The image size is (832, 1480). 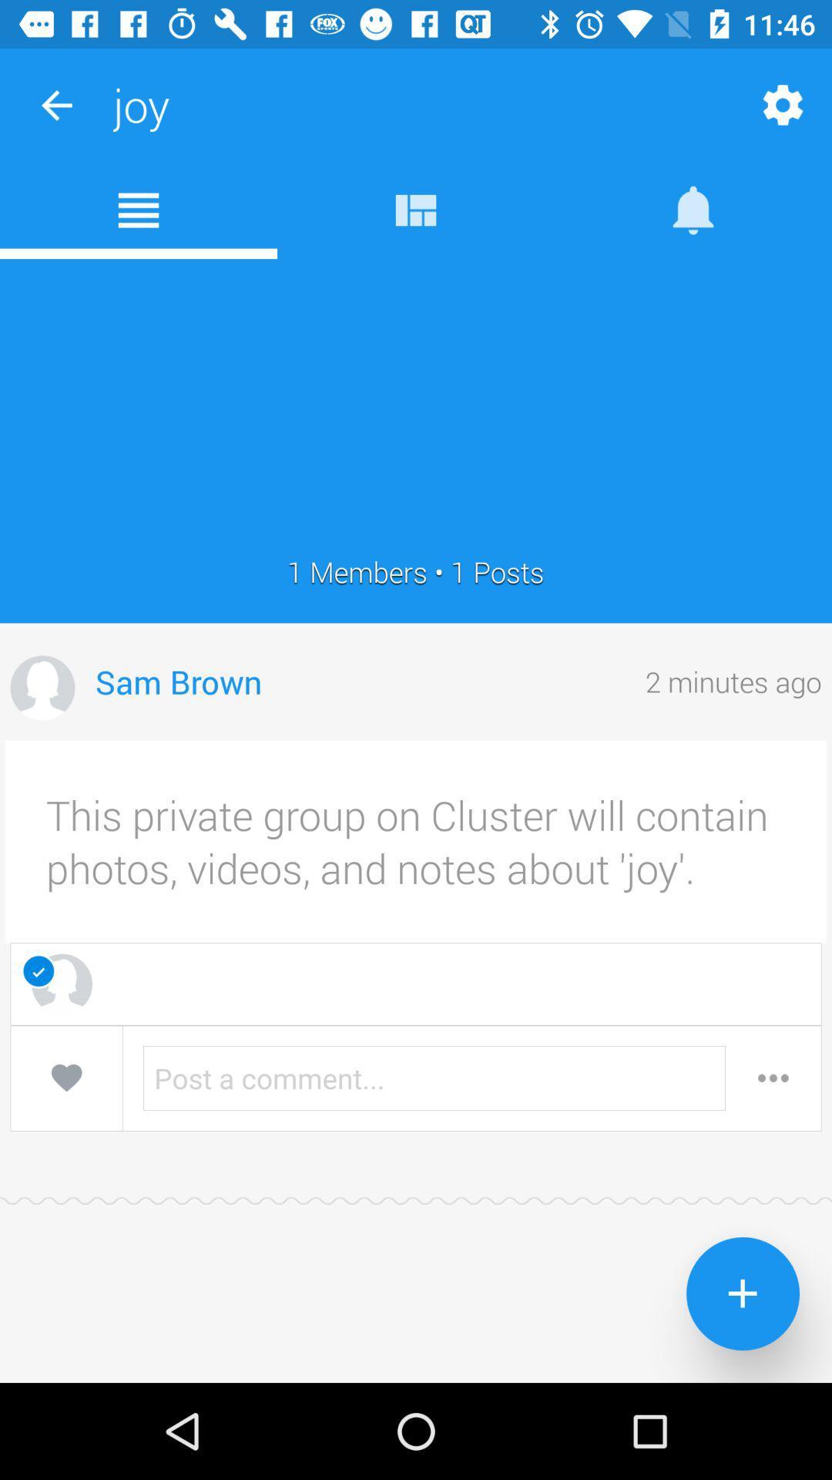 I want to click on heart the group, so click(x=65, y=1077).